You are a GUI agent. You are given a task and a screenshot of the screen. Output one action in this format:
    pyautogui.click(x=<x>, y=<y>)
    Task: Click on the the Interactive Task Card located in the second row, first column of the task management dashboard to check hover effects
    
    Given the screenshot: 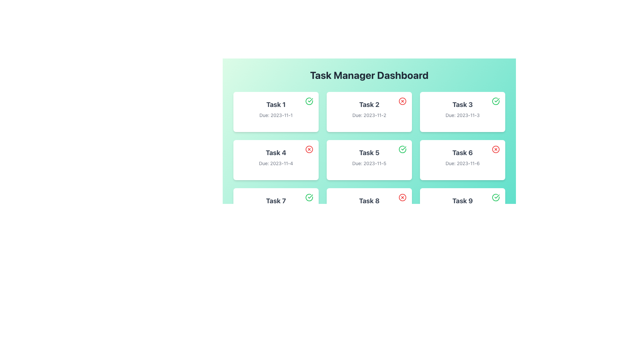 What is the action you would take?
    pyautogui.click(x=276, y=160)
    